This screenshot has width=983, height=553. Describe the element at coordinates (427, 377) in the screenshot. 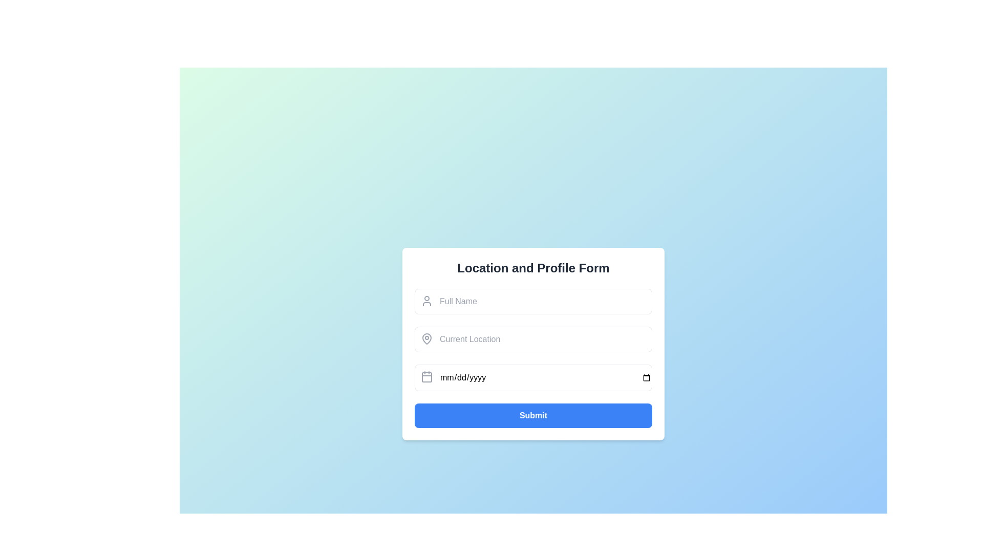

I see `the calendar icon styled with a gray hue, which is positioned to the left of the date input field labeled 'mm/dd/yyyy'` at that location.